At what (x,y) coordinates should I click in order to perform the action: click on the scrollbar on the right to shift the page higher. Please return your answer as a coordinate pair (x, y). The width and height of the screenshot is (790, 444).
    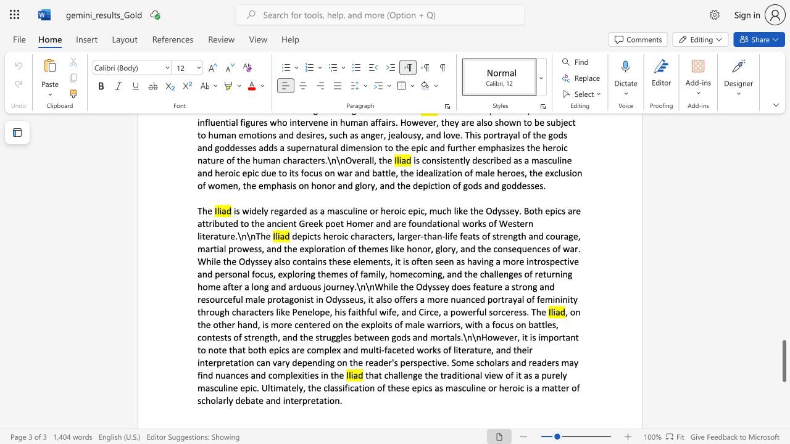
    Looking at the image, I should click on (783, 290).